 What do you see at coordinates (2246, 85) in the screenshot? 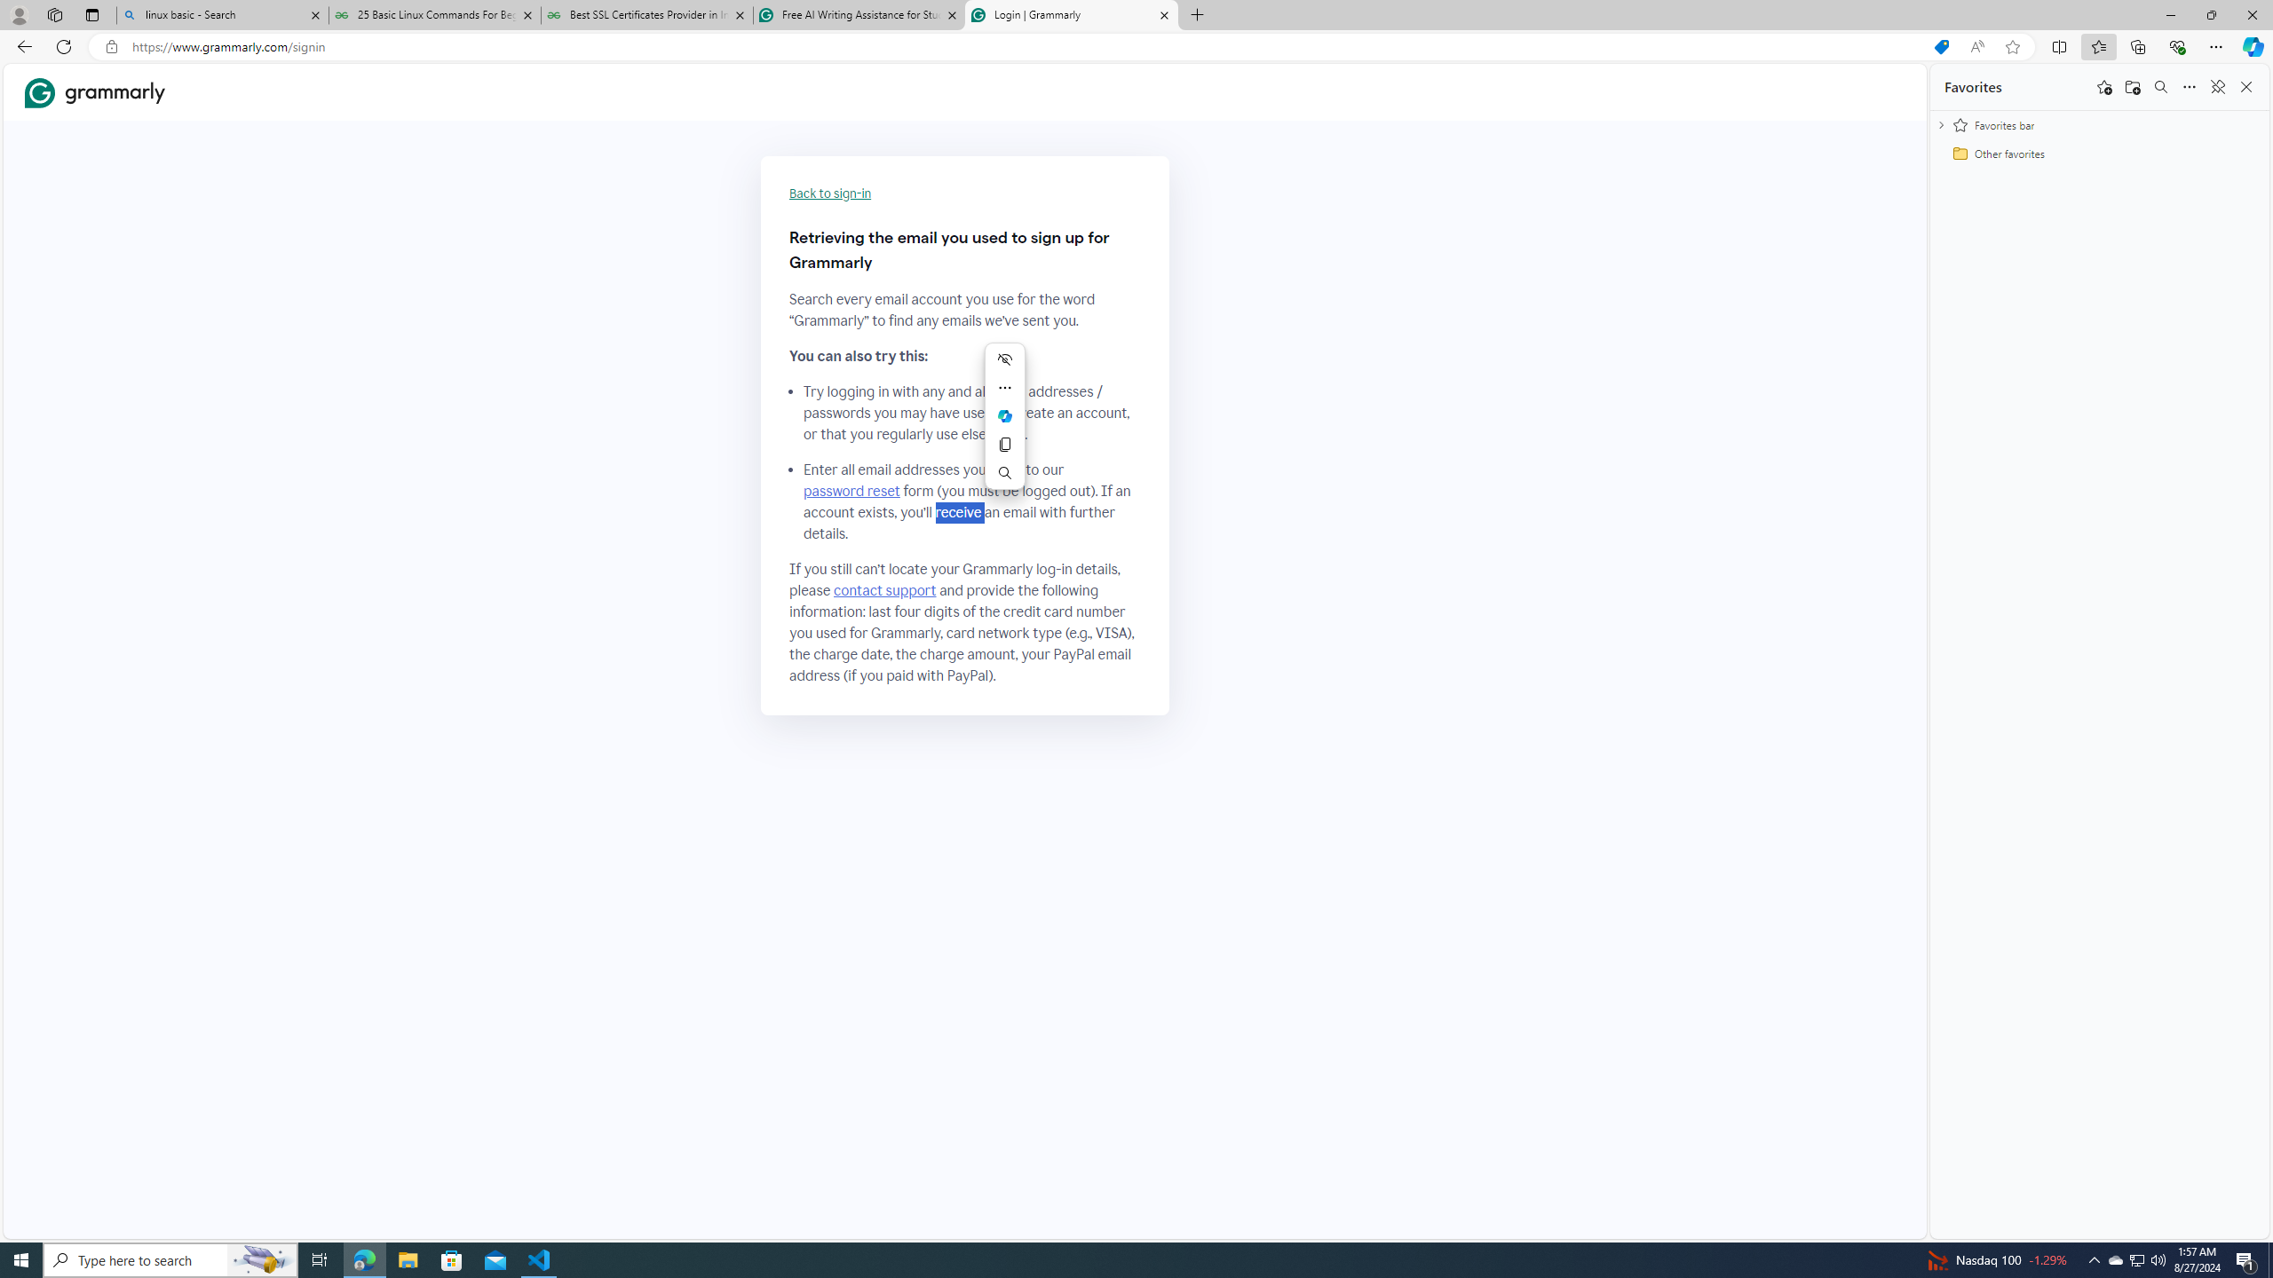
I see `'Close favorites'` at bounding box center [2246, 85].